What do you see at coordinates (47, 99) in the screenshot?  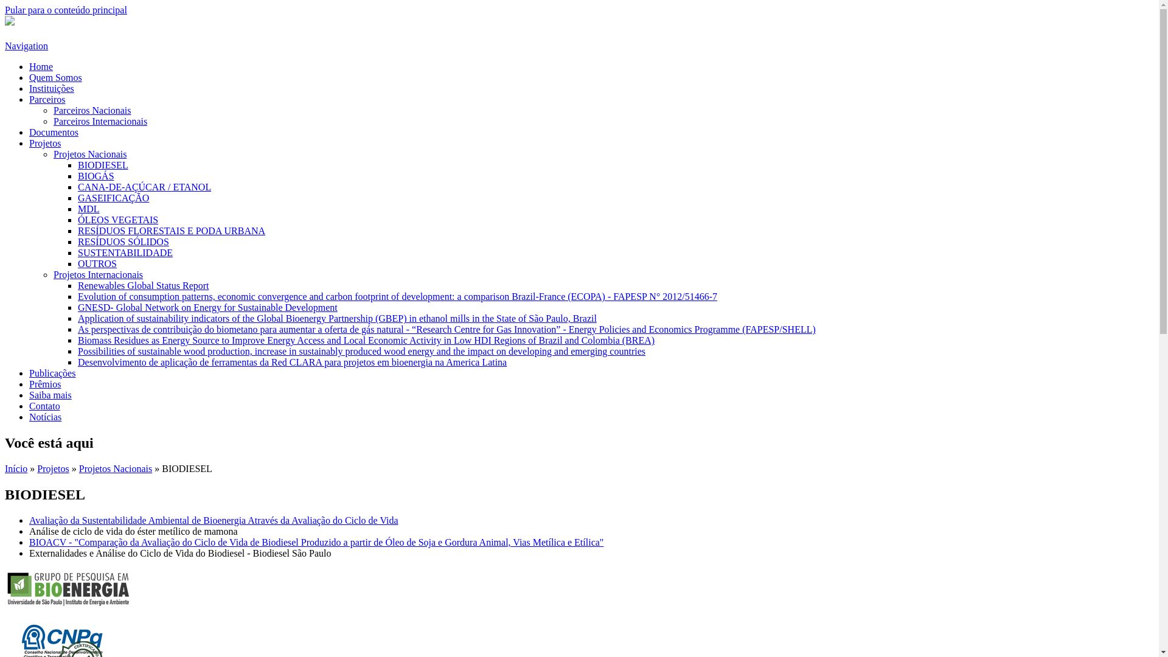 I see `'Parceiros'` at bounding box center [47, 99].